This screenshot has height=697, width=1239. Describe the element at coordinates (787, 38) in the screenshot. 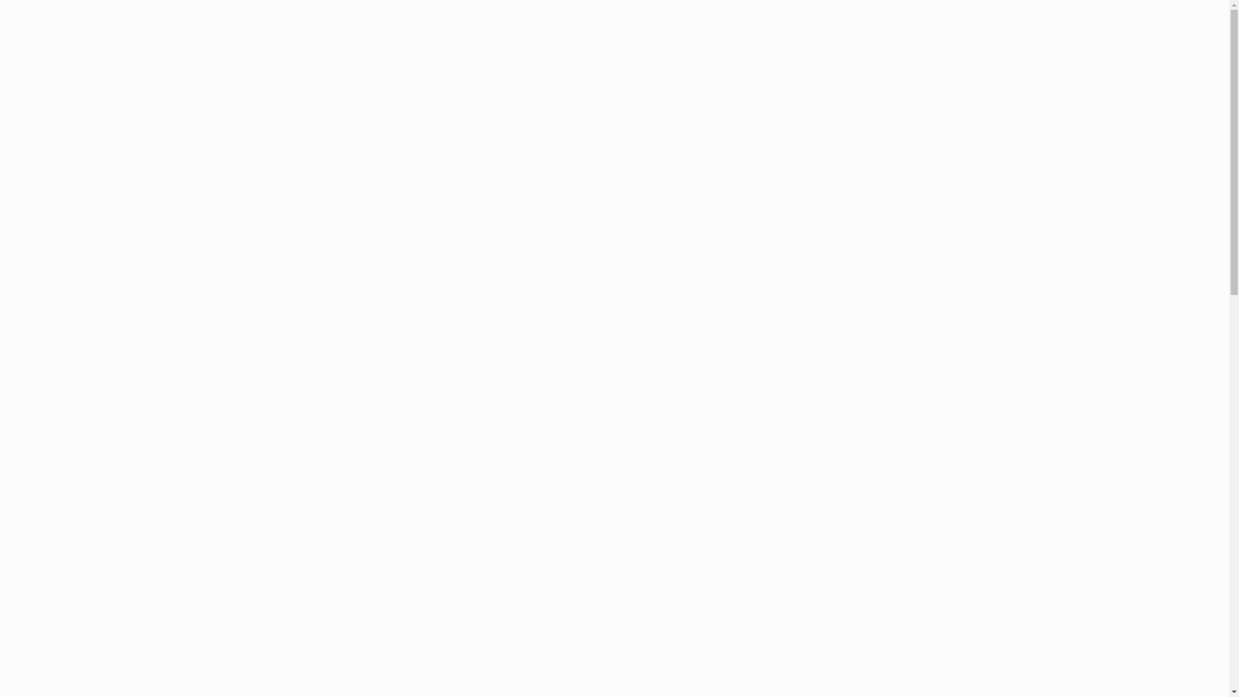

I see `'Le Dk'` at that location.